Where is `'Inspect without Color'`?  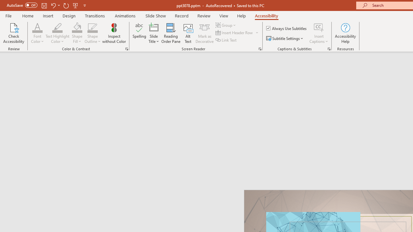
'Inspect without Color' is located at coordinates (114, 33).